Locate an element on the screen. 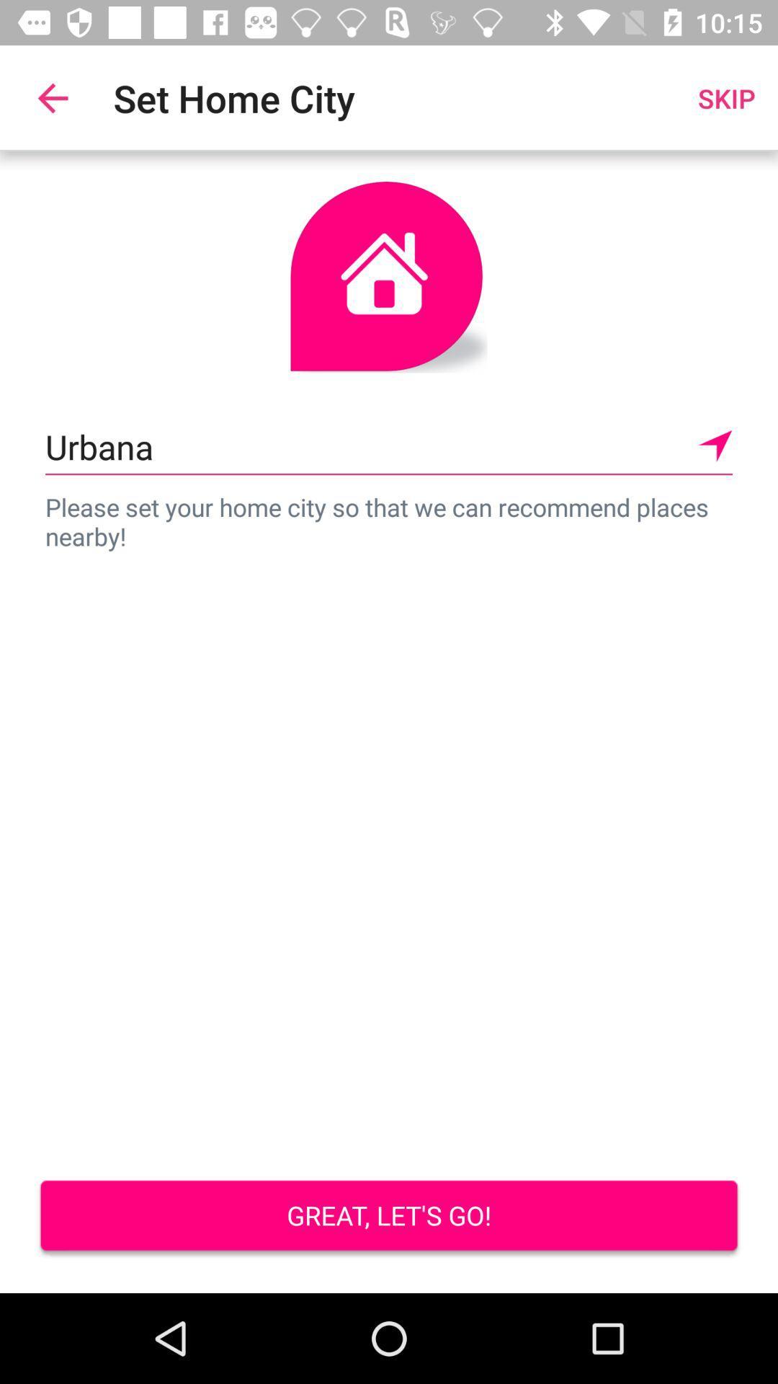  item below the please set your item is located at coordinates (389, 1217).